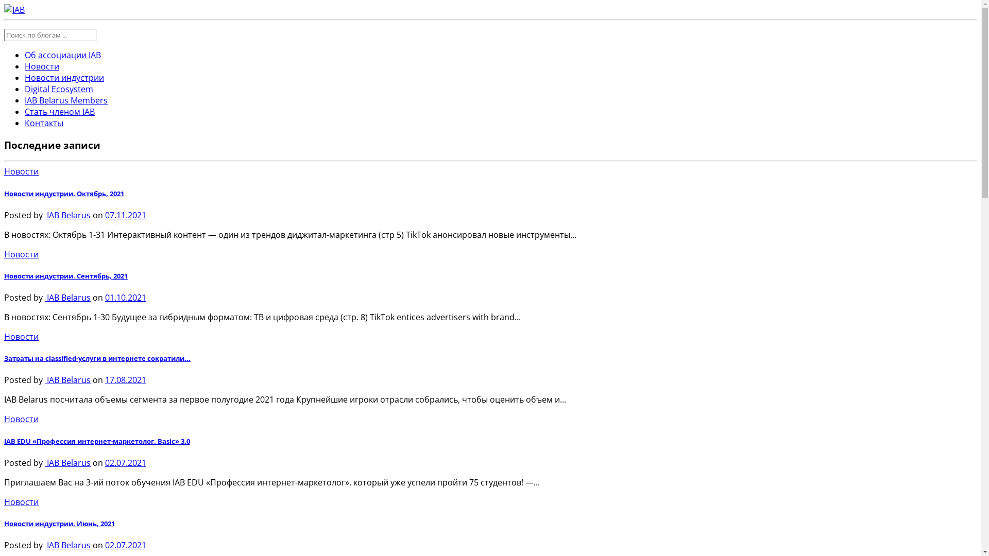 The image size is (989, 556). What do you see at coordinates (125, 214) in the screenshot?
I see `'07.11.2021'` at bounding box center [125, 214].